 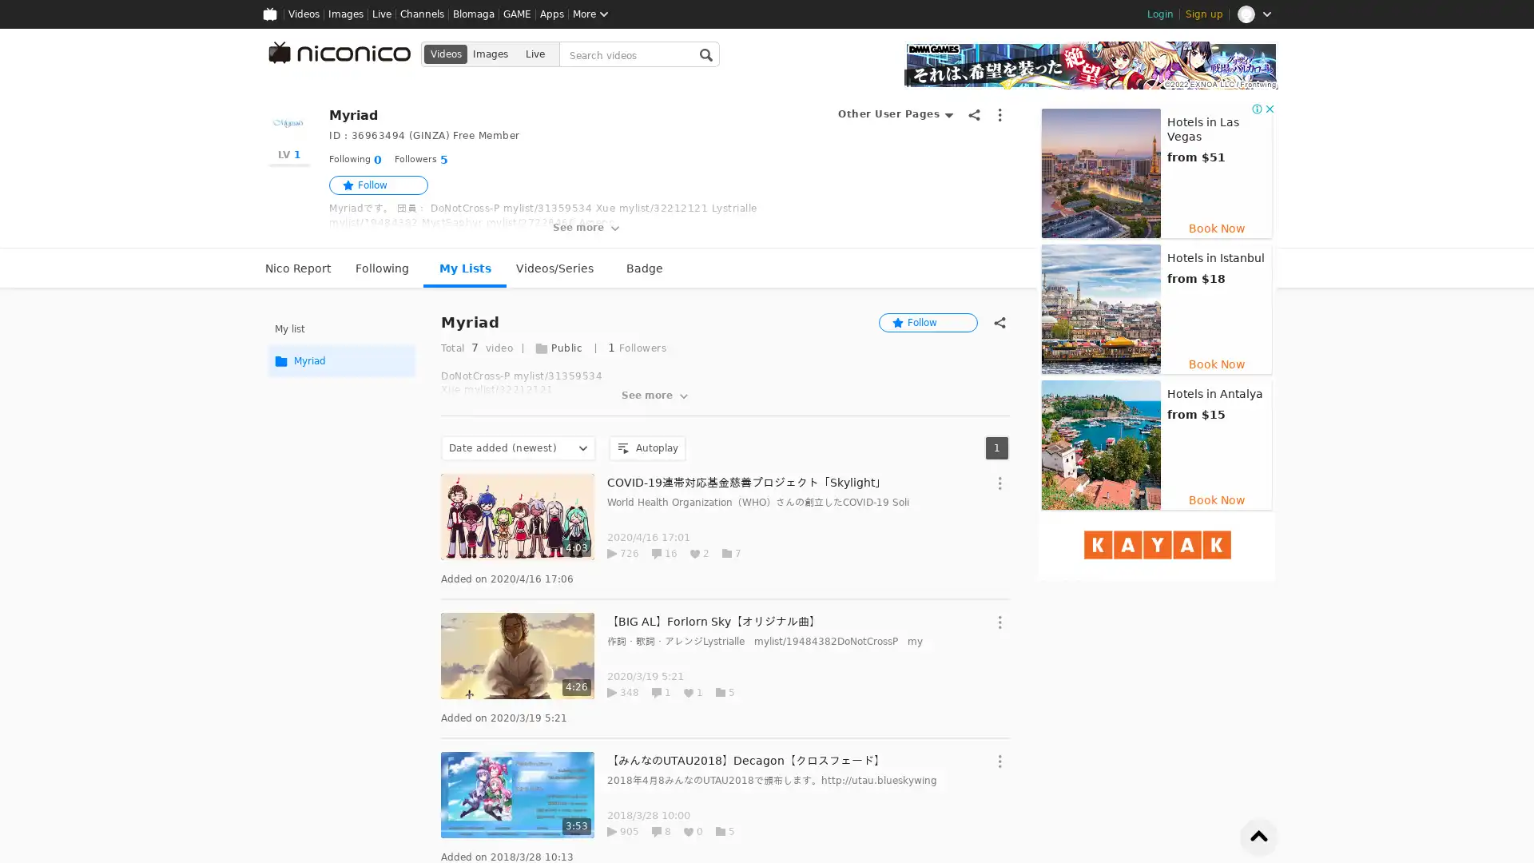 I want to click on Other User Pages, so click(x=895, y=113).